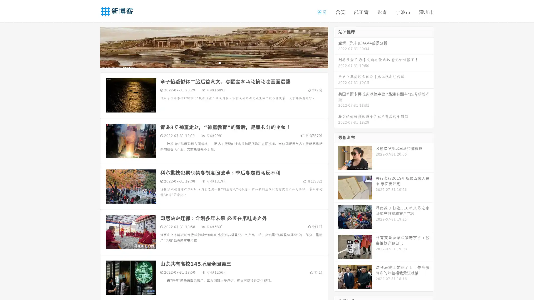  I want to click on Go to slide 1, so click(208, 62).